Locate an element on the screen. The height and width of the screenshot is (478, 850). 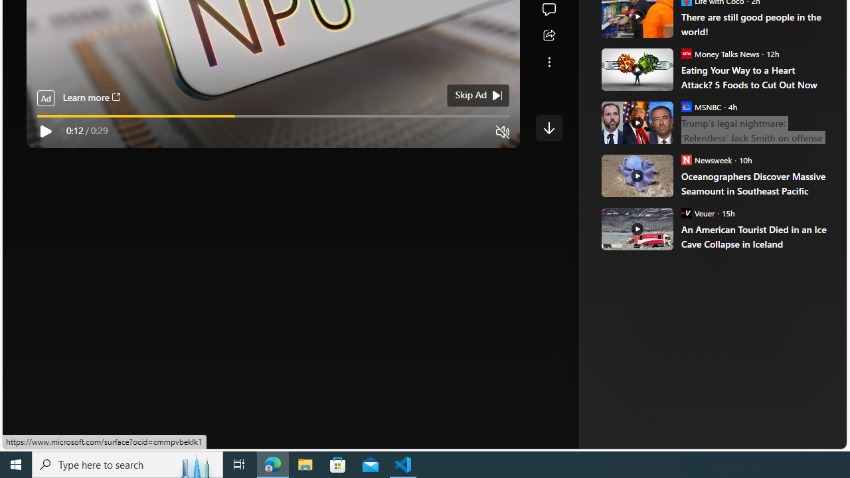
'Newsweek Newsweek' is located at coordinates (706, 159).